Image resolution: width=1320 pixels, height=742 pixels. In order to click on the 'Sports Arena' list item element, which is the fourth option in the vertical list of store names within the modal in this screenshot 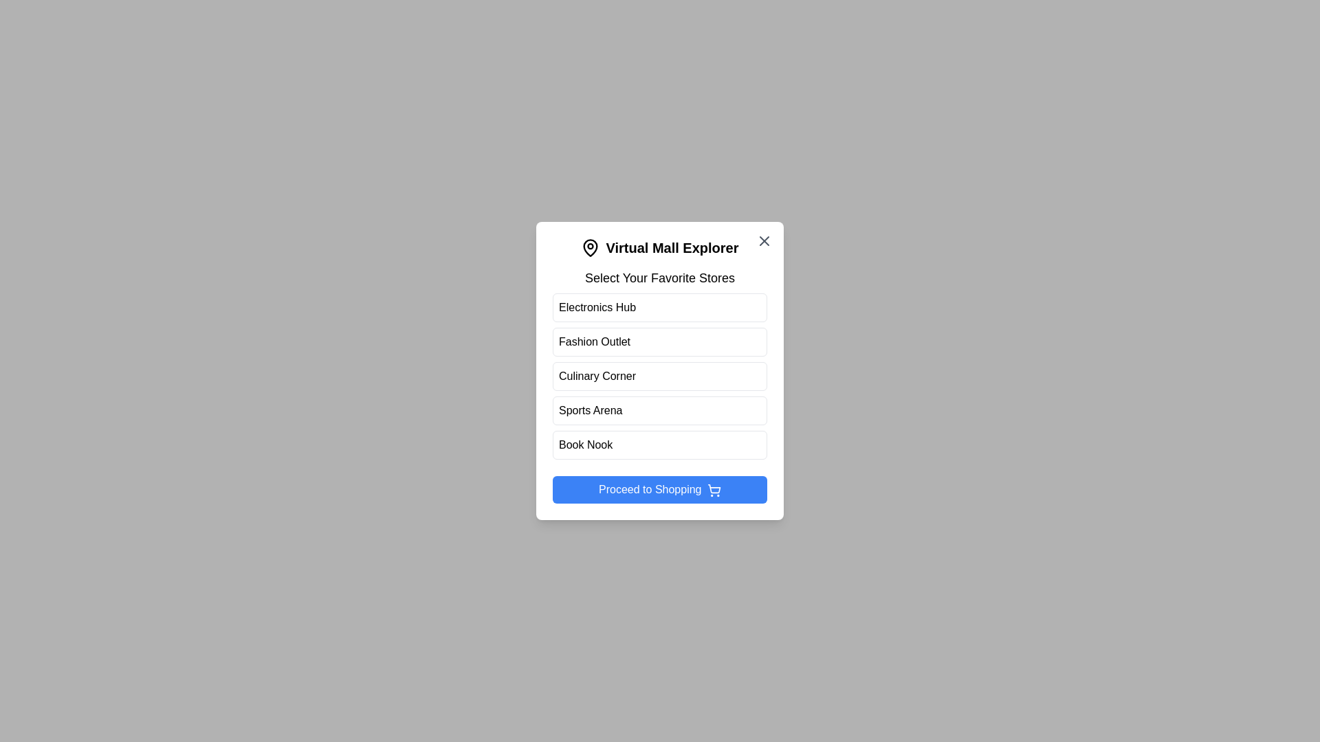, I will do `click(660, 409)`.